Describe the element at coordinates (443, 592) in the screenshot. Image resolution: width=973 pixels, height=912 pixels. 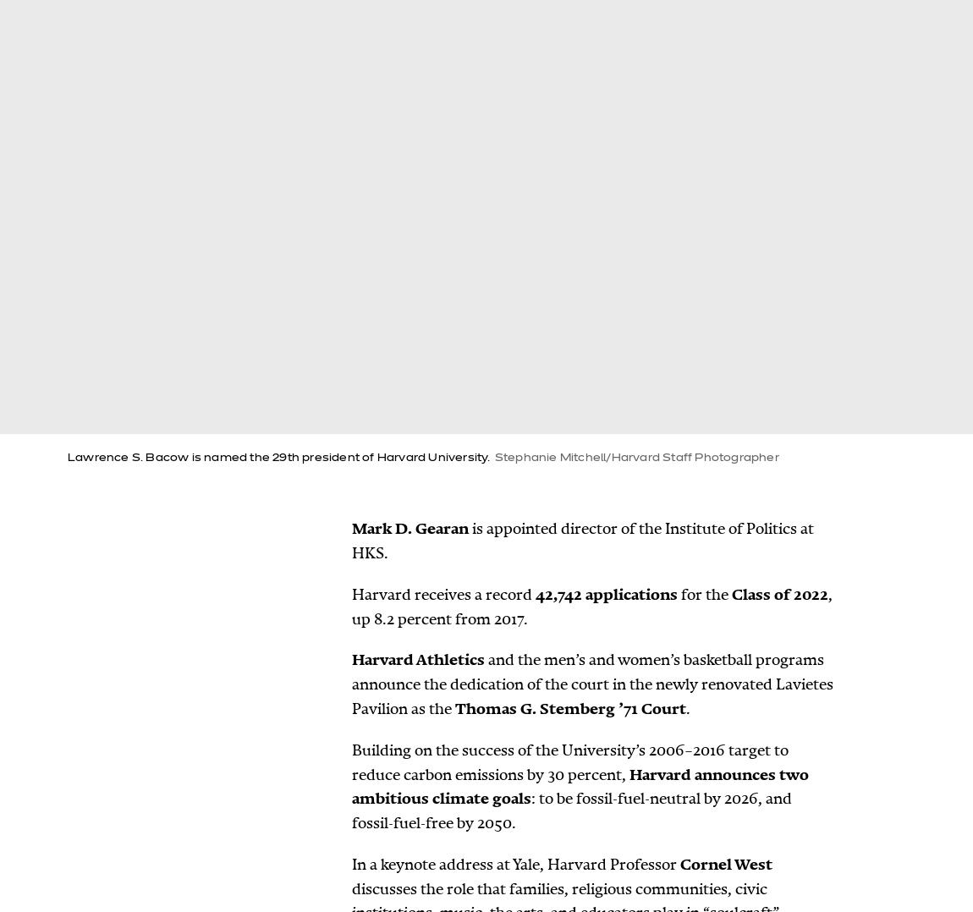
I see `'Harvard receives a record'` at that location.